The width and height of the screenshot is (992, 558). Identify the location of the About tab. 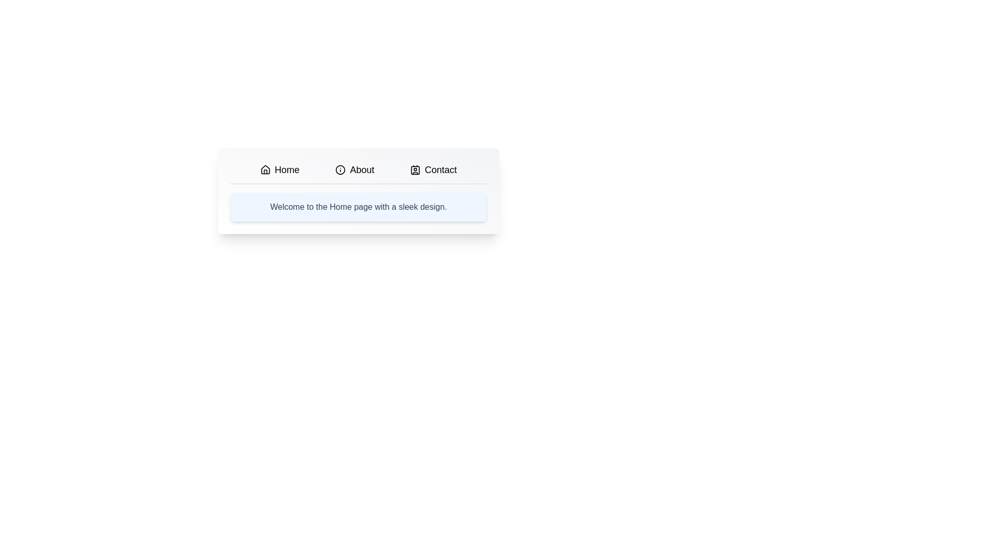
(354, 169).